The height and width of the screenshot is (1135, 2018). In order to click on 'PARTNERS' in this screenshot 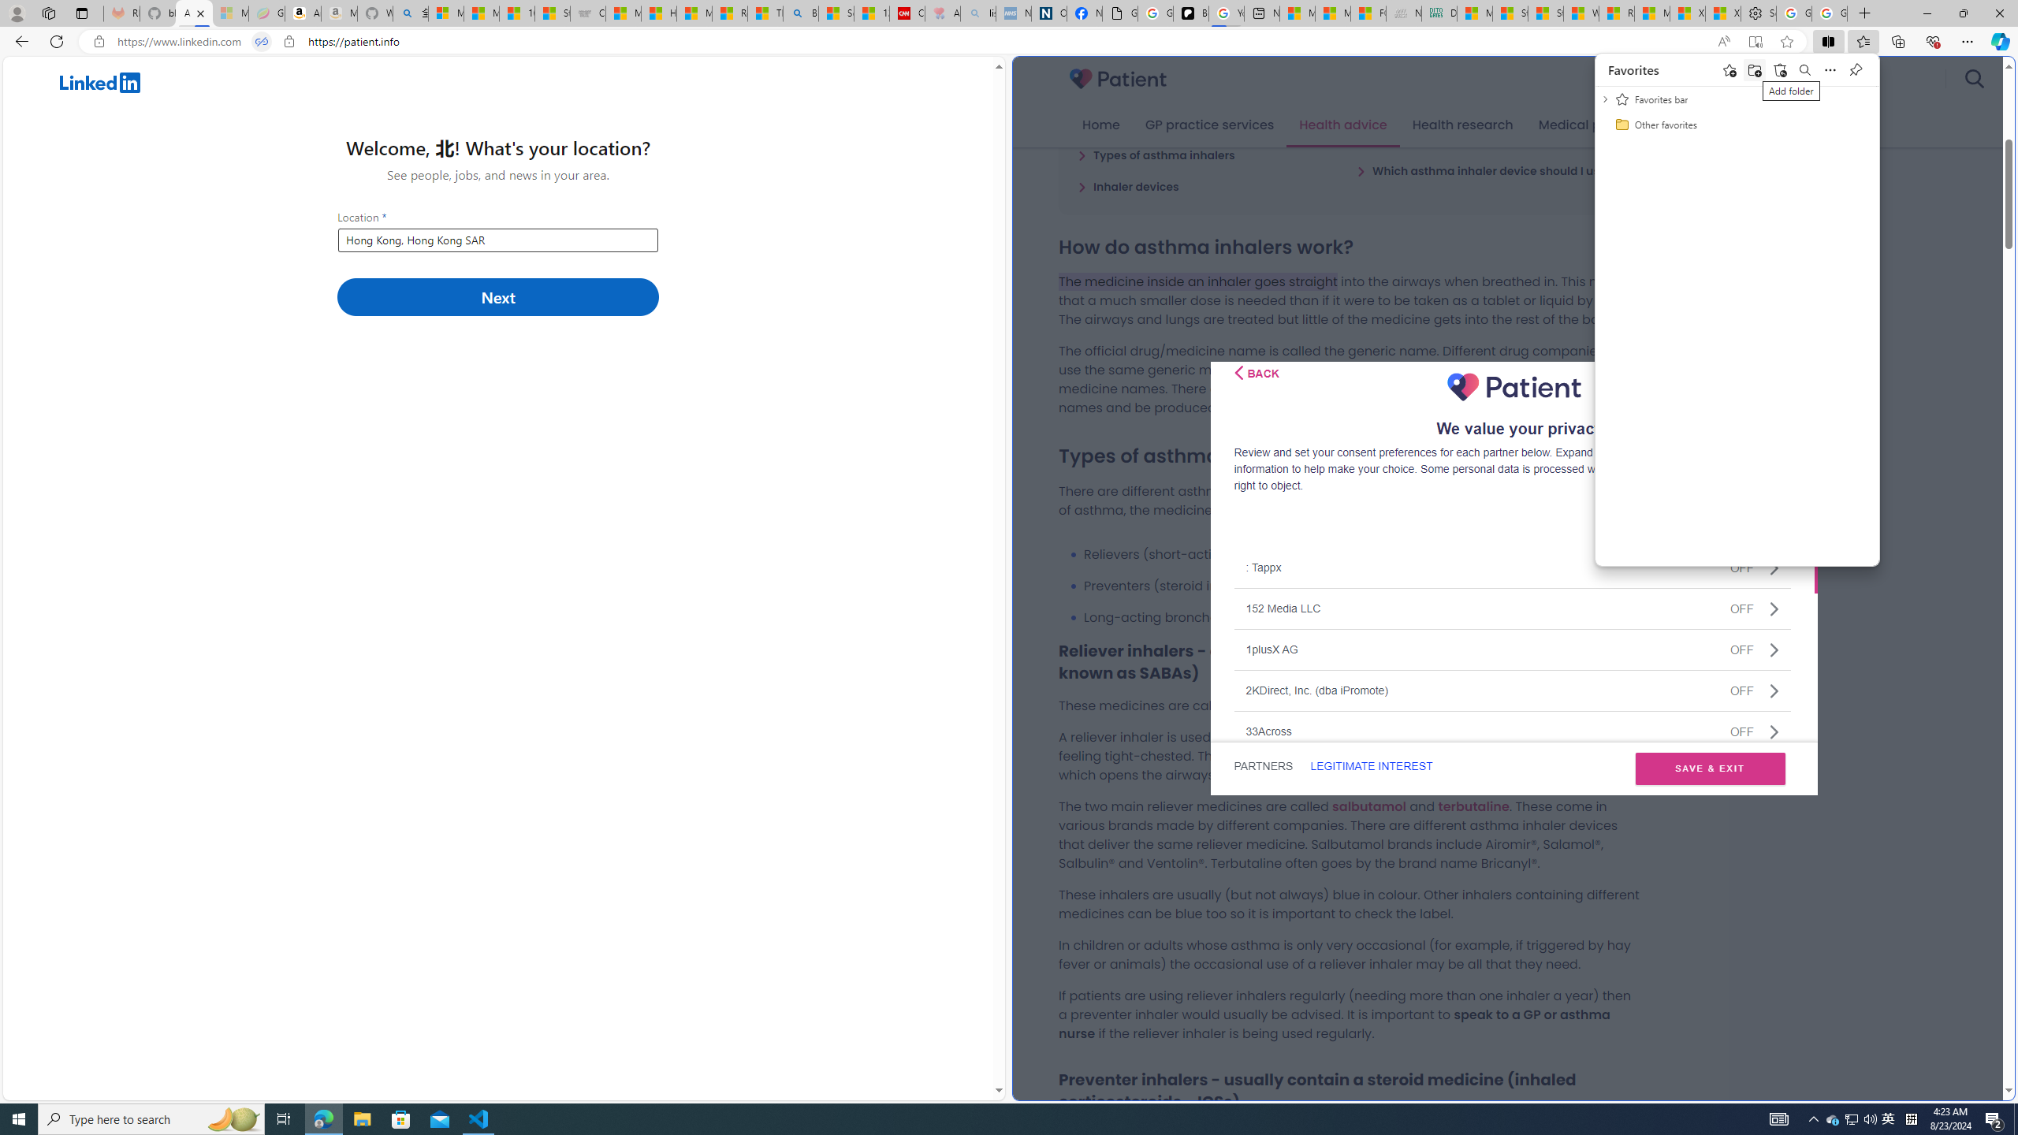, I will do `click(1263, 766)`.